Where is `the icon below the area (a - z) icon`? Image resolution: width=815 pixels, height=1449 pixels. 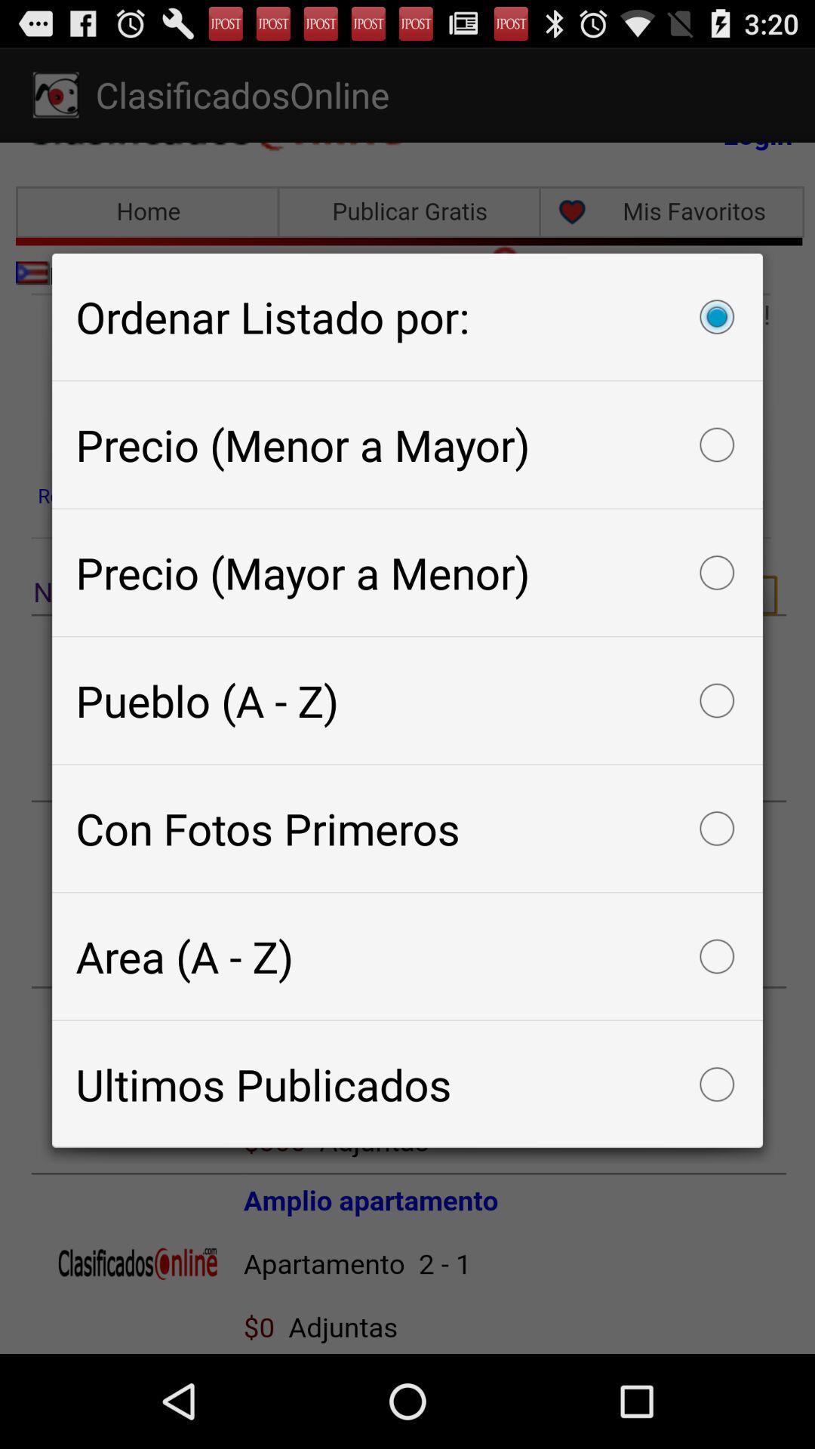 the icon below the area (a - z) icon is located at coordinates (407, 1083).